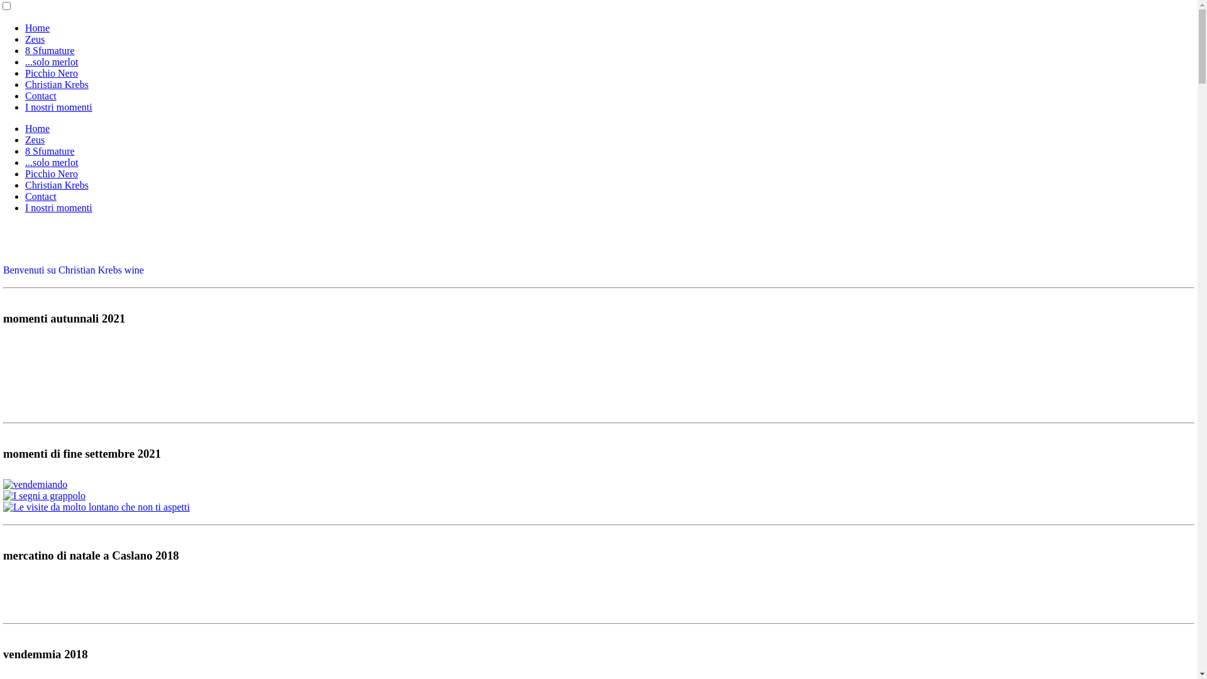  What do you see at coordinates (41, 95) in the screenshot?
I see `'Contact'` at bounding box center [41, 95].